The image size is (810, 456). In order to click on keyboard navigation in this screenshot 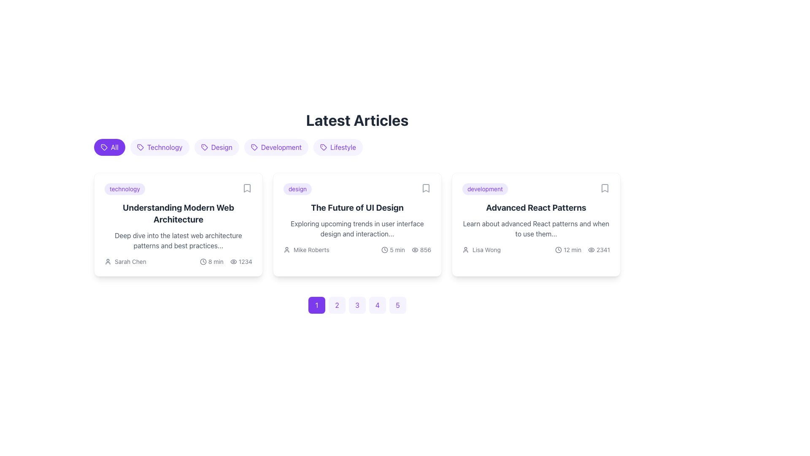, I will do `click(323, 147)`.